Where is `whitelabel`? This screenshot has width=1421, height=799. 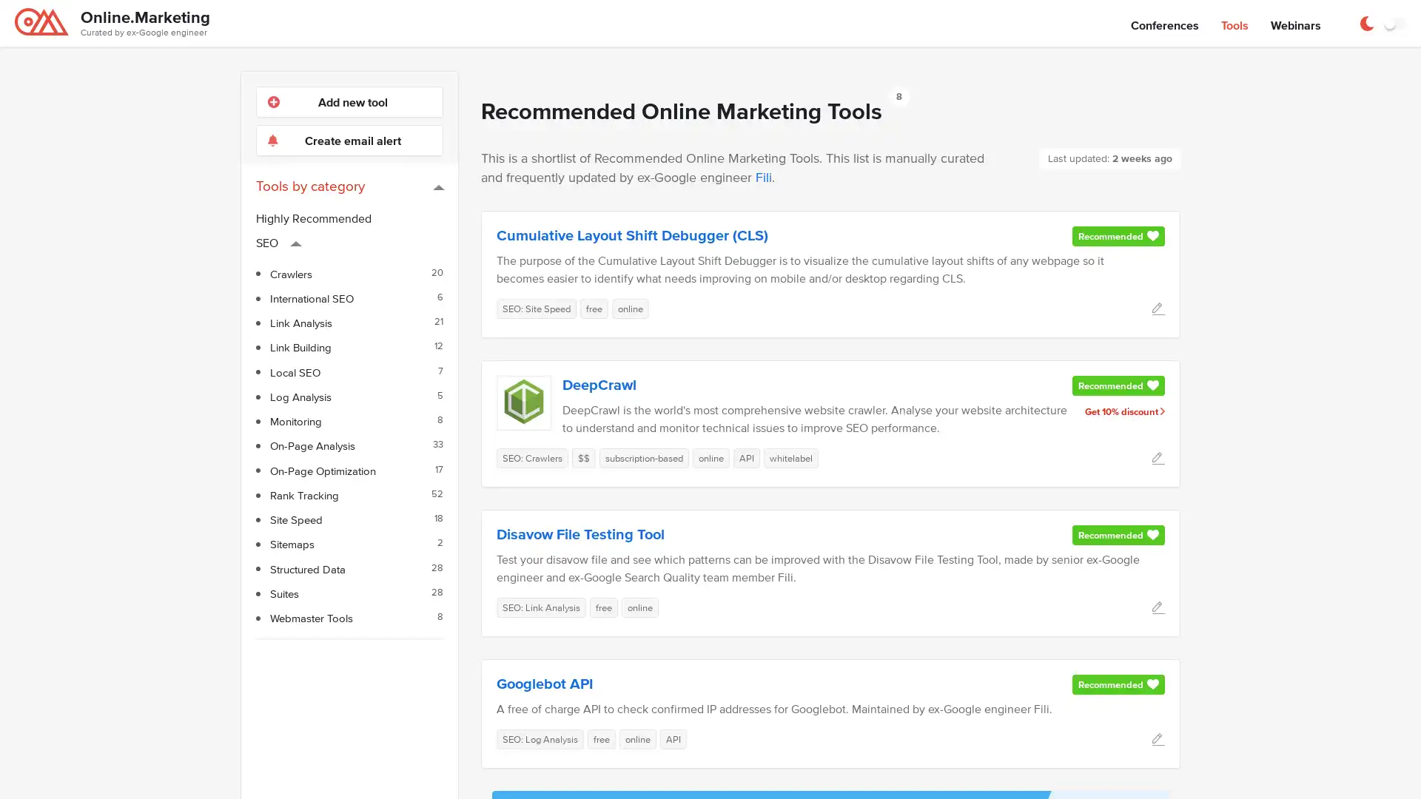 whitelabel is located at coordinates (790, 456).